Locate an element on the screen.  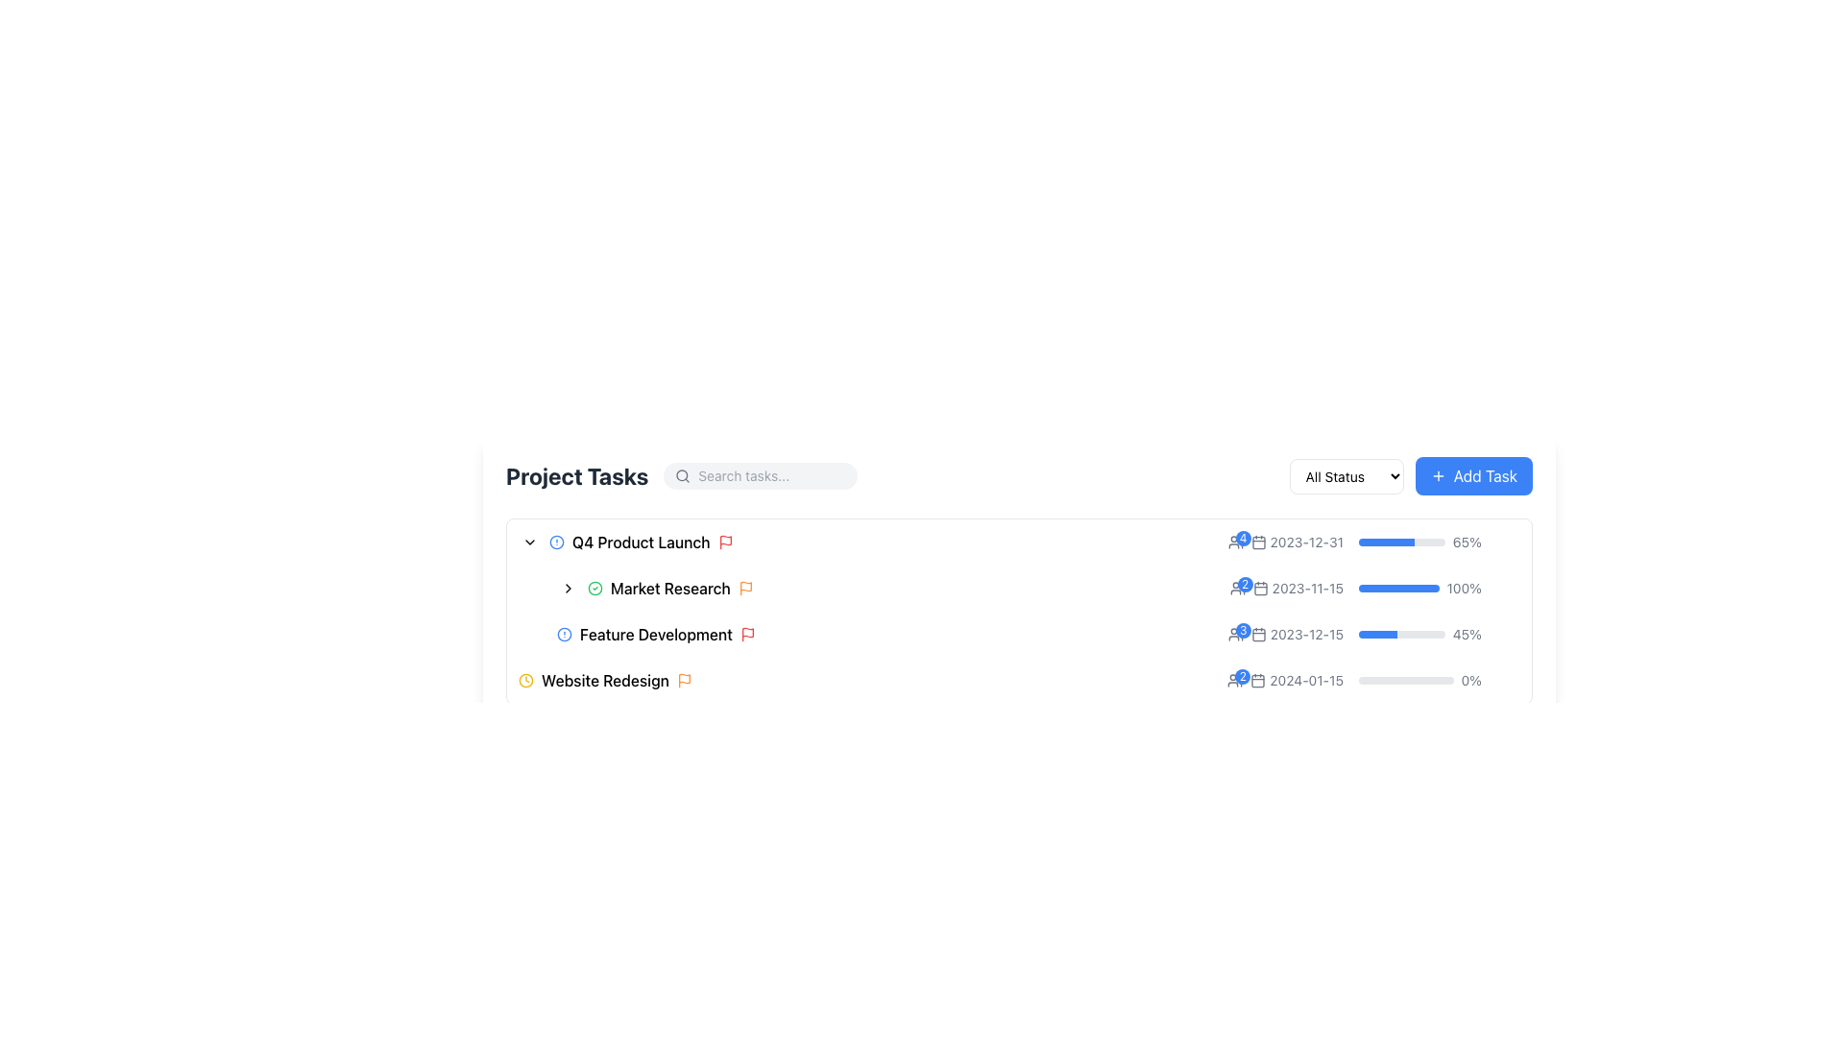
the status indicator icon for the 'Q4 Product Launch' task, which is the last icon in the group located to the right of the title text is located at coordinates (724, 542).